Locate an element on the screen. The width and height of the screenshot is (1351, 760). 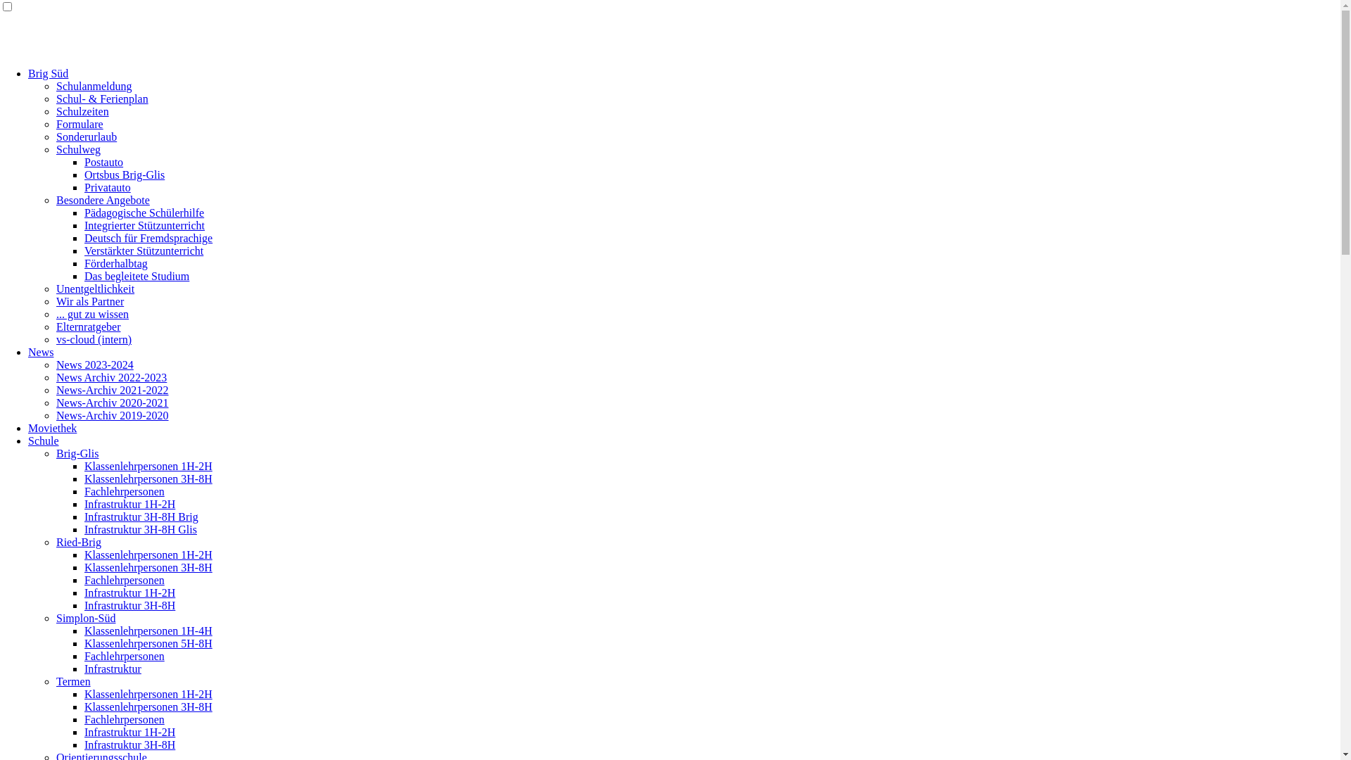
'Besondere Angebote' is located at coordinates (102, 200).